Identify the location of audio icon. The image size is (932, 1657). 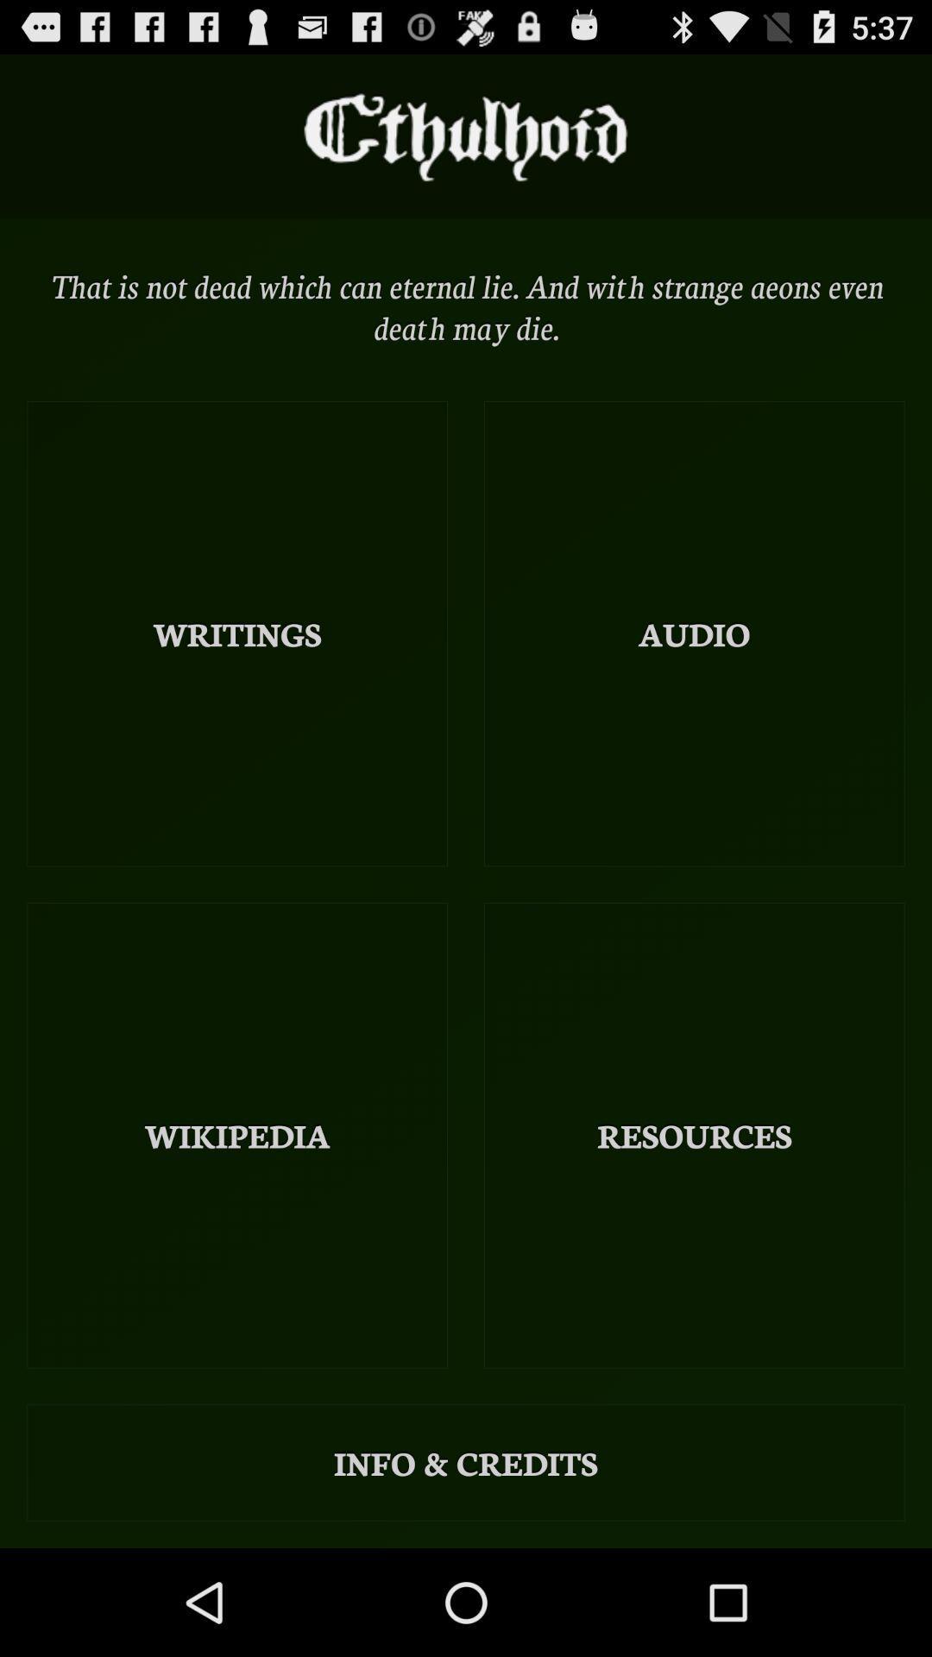
(693, 633).